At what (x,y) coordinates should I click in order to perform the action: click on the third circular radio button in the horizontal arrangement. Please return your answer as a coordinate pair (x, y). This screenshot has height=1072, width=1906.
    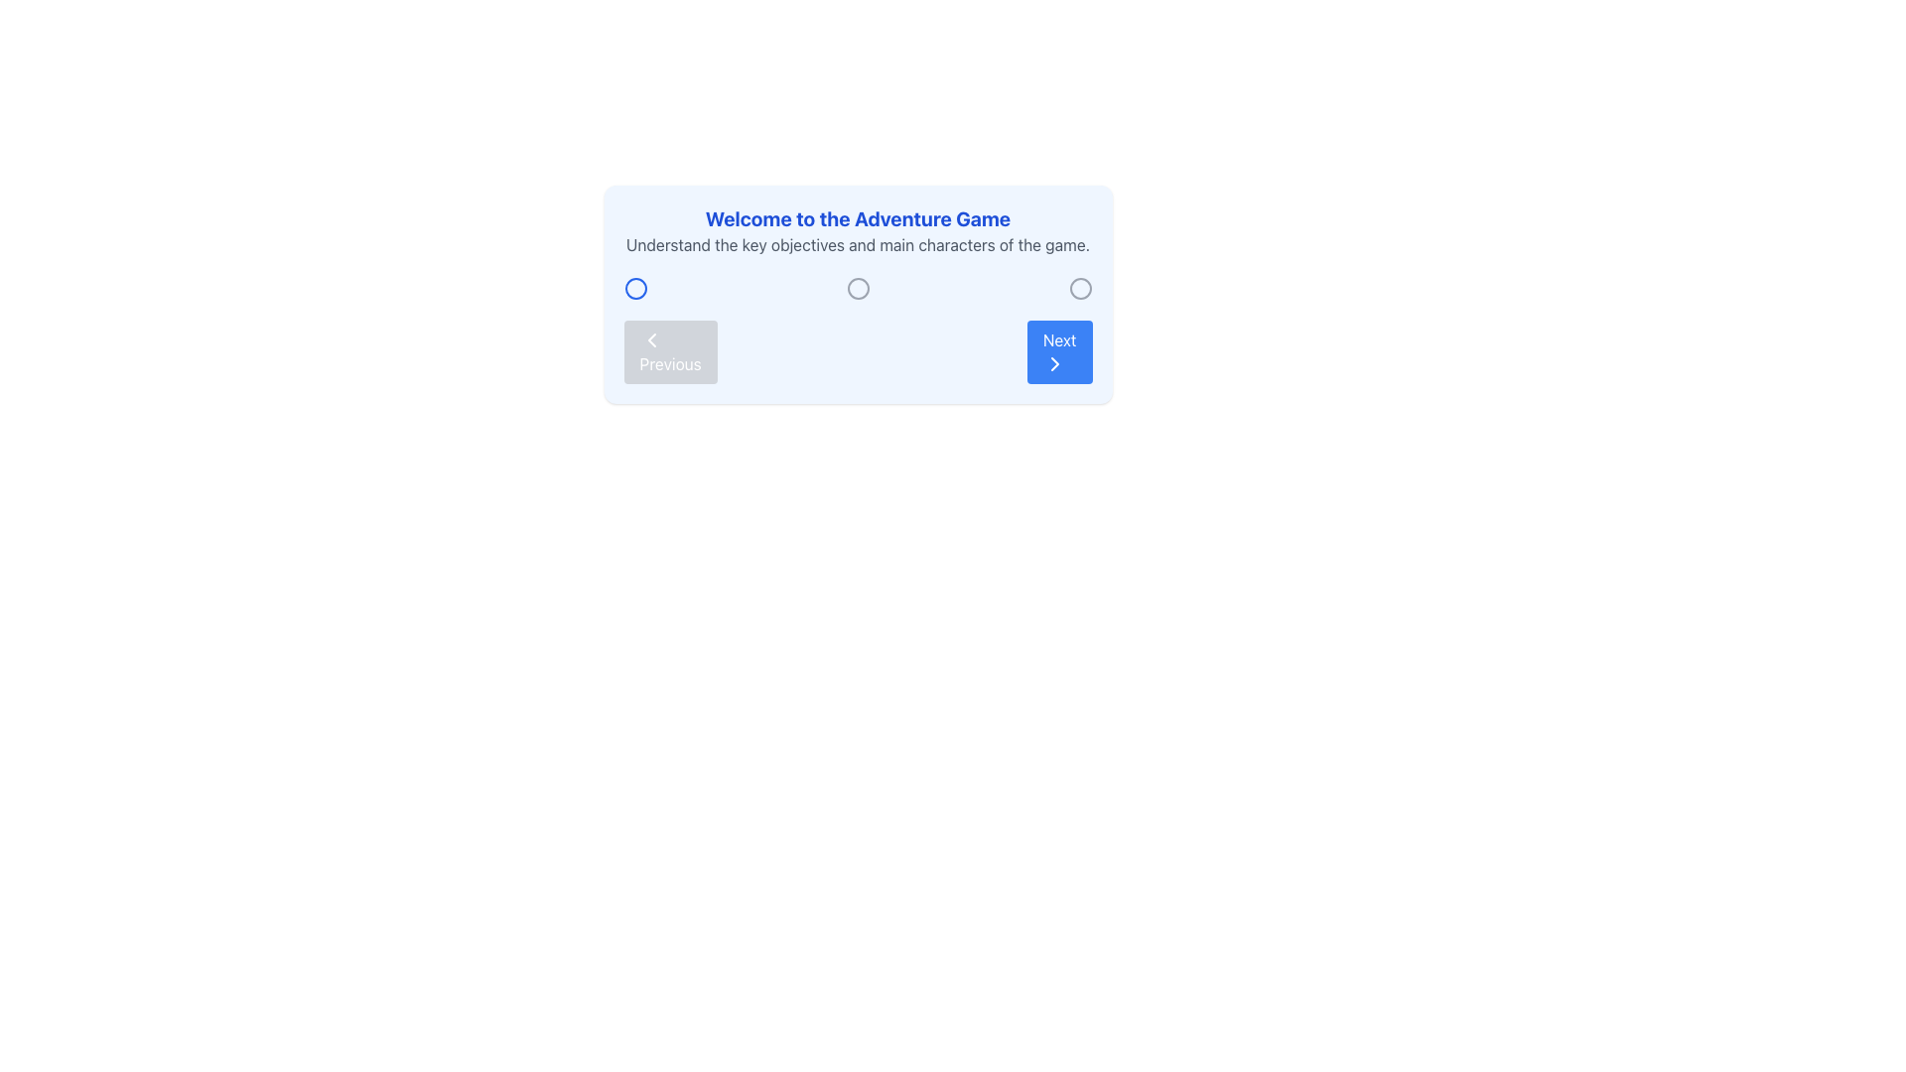
    Looking at the image, I should click on (1079, 288).